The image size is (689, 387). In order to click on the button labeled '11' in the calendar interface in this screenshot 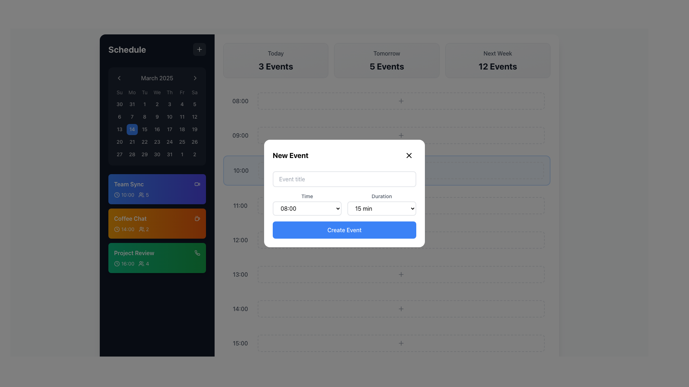, I will do `click(182, 116)`.